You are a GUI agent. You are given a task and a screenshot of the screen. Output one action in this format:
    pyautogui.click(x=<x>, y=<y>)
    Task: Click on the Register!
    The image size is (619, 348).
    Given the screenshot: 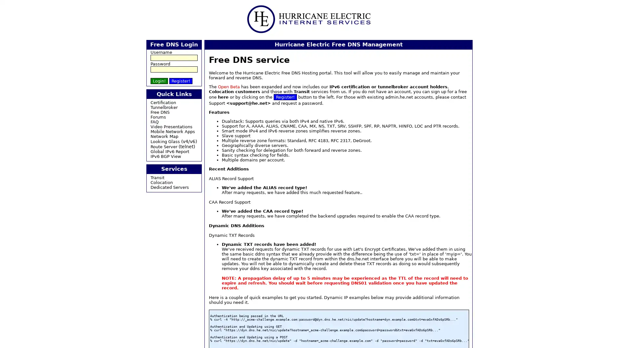 What is the action you would take?
    pyautogui.click(x=181, y=81)
    